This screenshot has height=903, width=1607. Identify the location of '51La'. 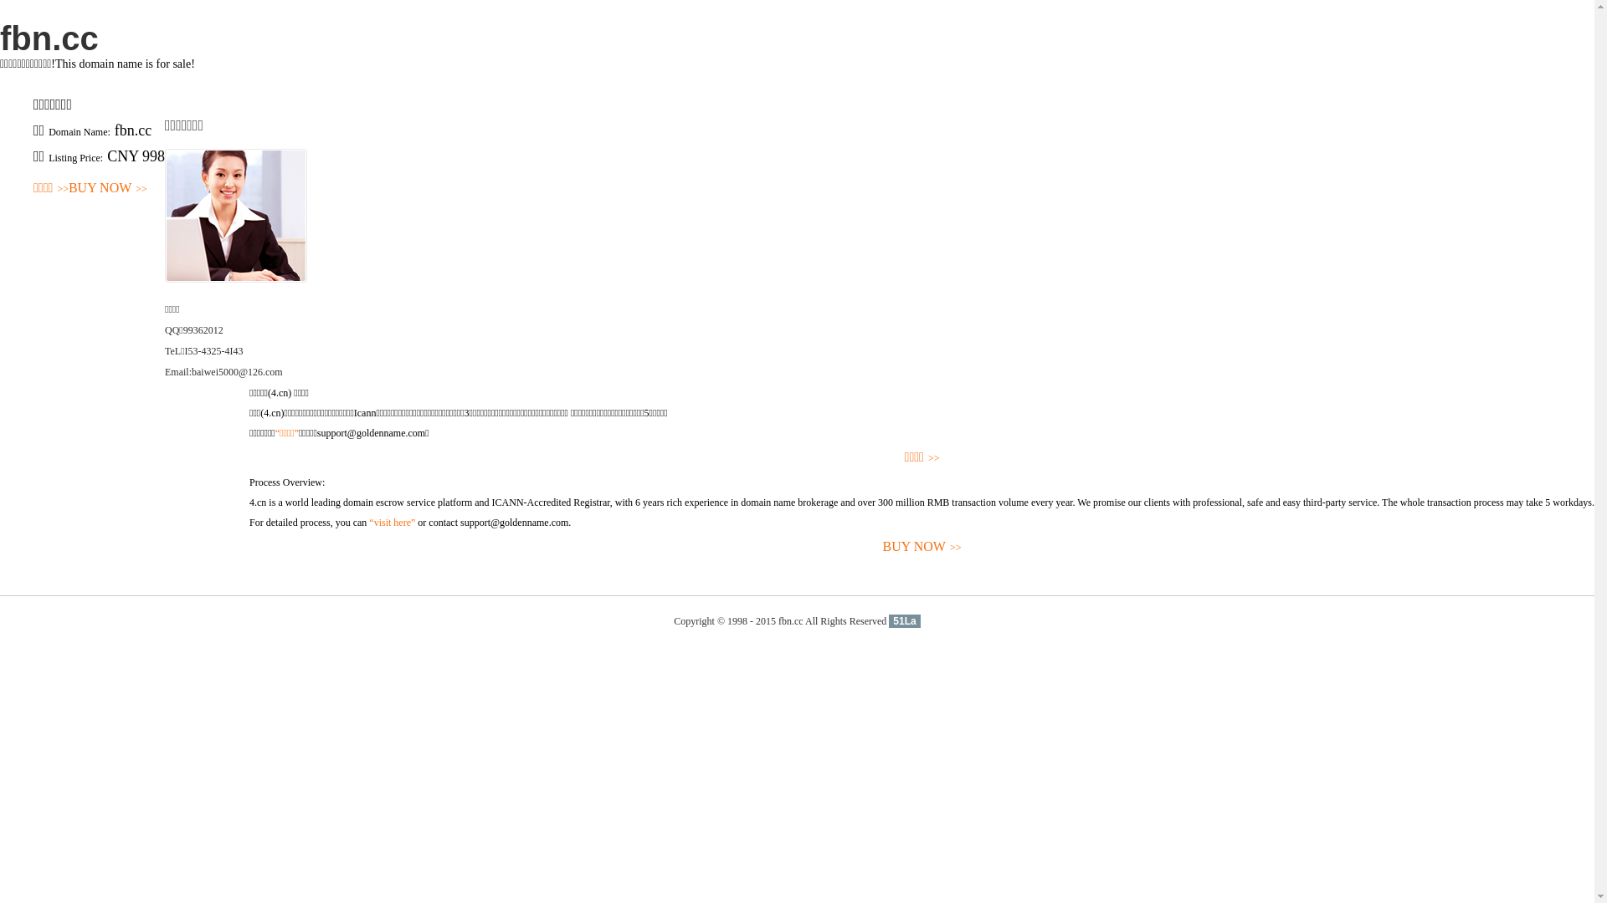
(903, 621).